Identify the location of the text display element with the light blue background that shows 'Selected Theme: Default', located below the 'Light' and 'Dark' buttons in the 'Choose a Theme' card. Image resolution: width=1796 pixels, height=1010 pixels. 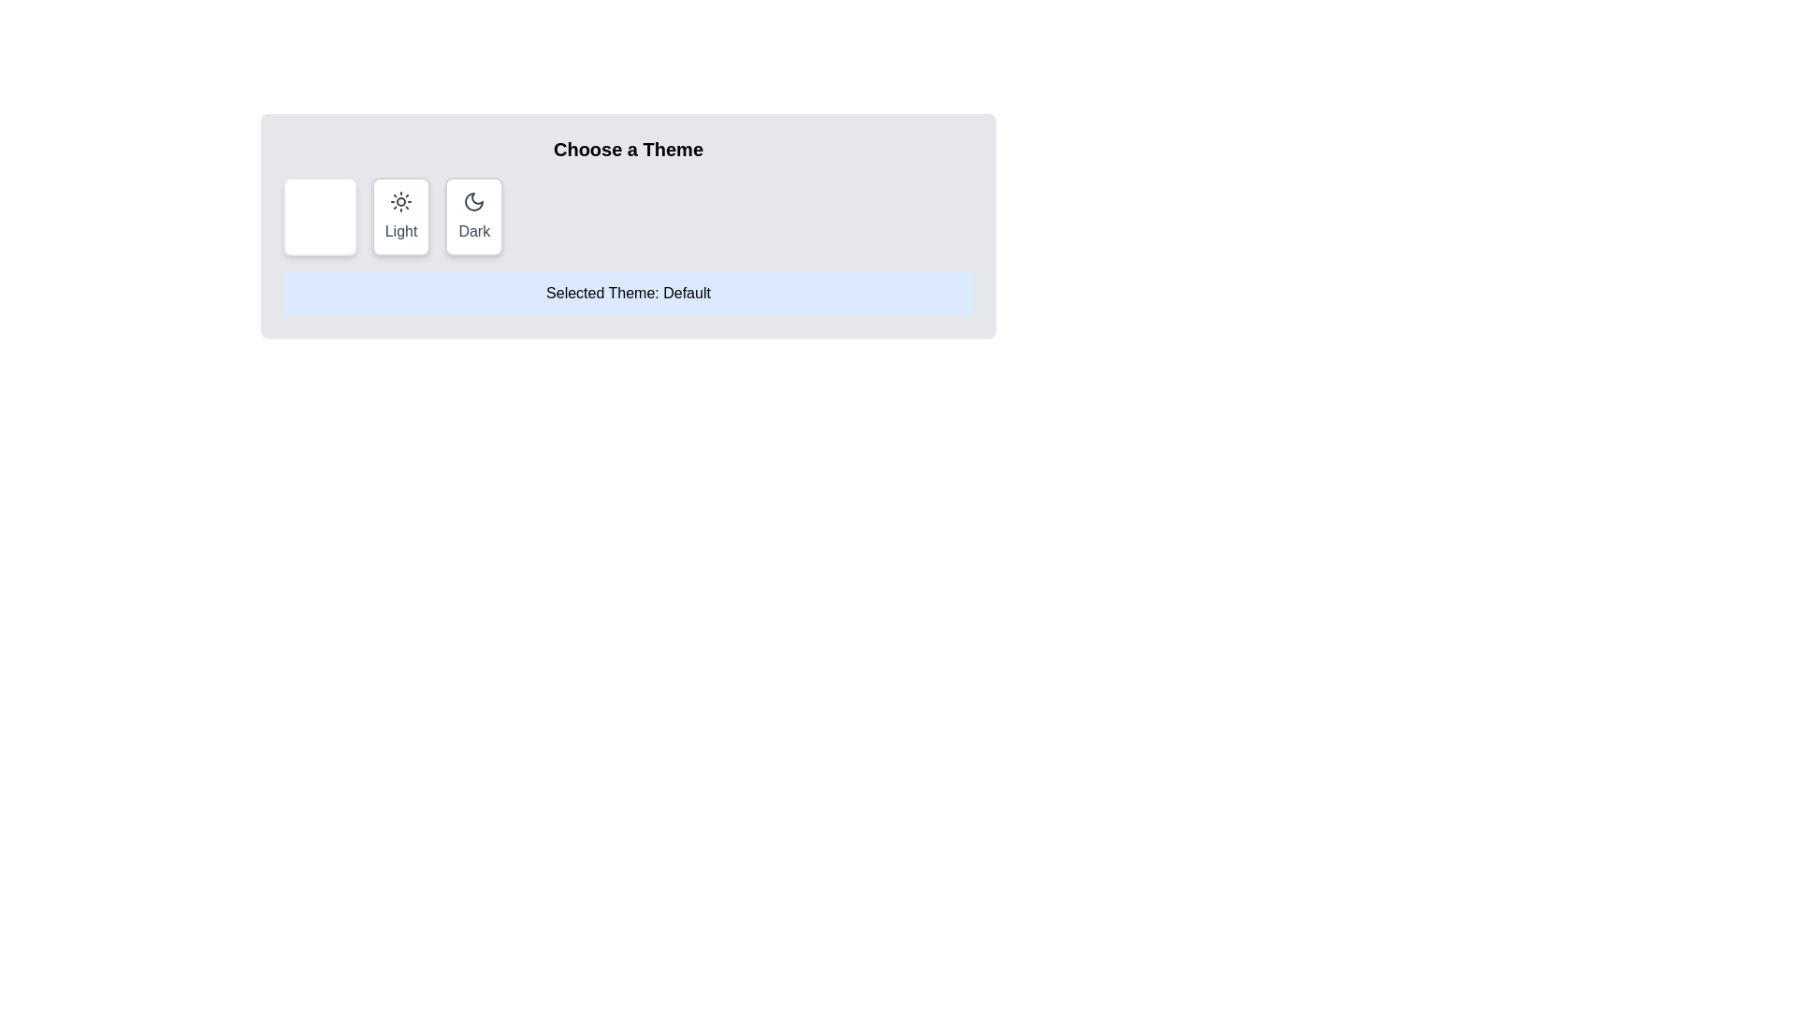
(629, 293).